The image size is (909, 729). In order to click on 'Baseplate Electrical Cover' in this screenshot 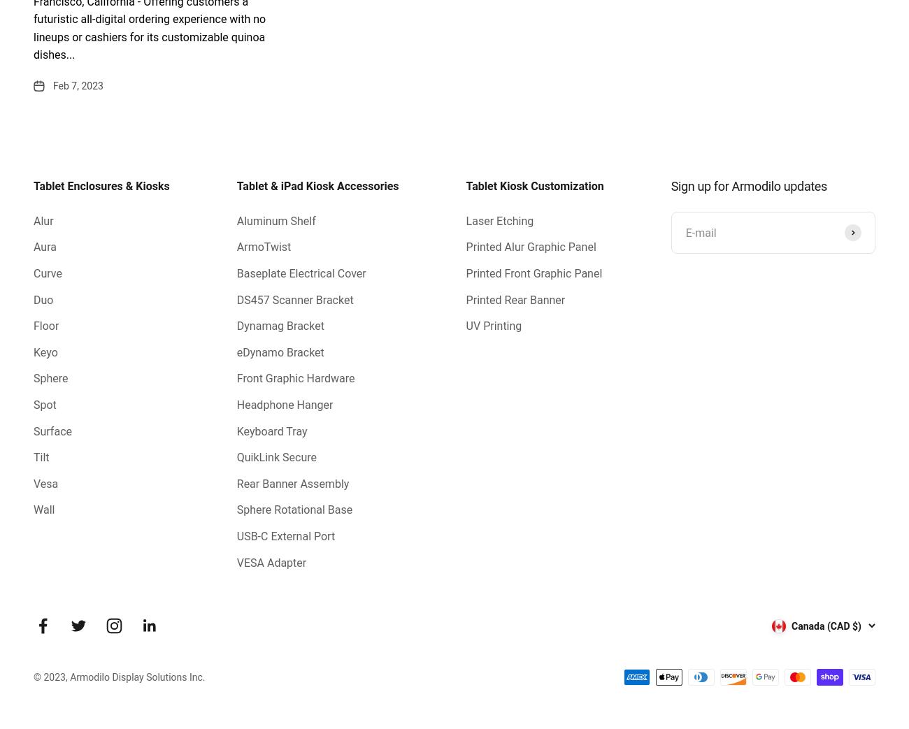, I will do `click(301, 273)`.